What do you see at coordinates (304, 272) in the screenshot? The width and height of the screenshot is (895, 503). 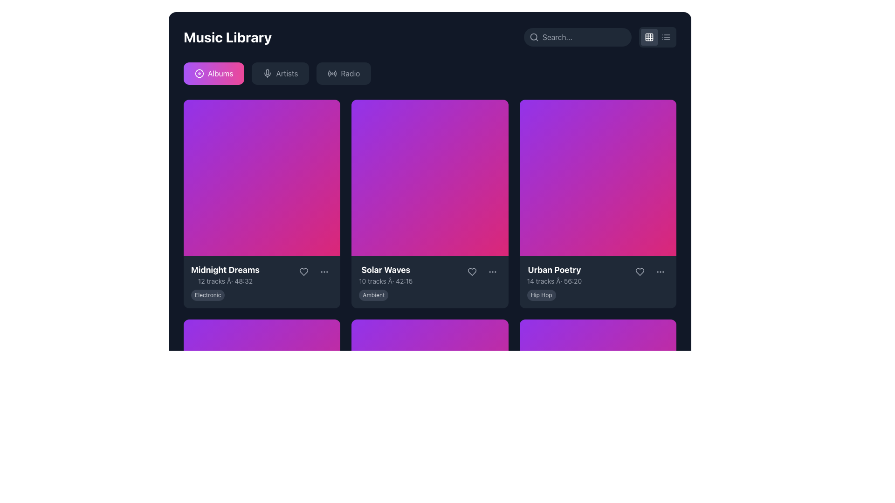 I see `the outlined heart icon located at the bottom right corner of the 'Midnight Dreams' album card to mark the album as a favorite` at bounding box center [304, 272].